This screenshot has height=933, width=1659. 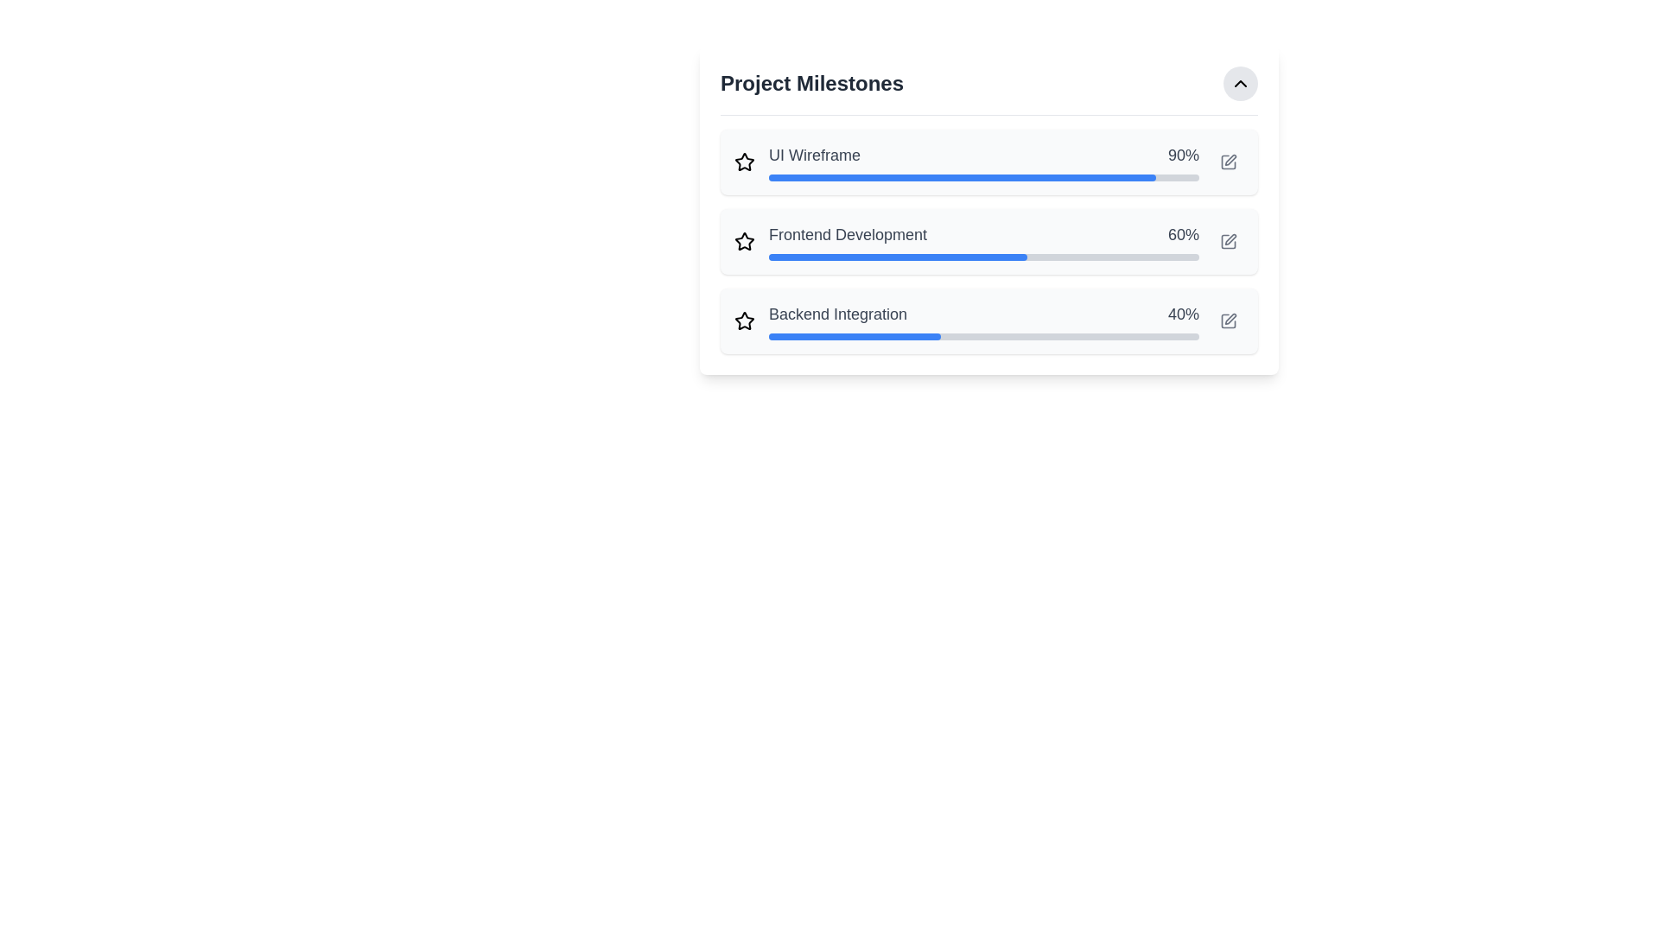 What do you see at coordinates (983, 242) in the screenshot?
I see `the progress bar indicating the completion level of the 'Frontend Development' milestone in the project milestones list` at bounding box center [983, 242].